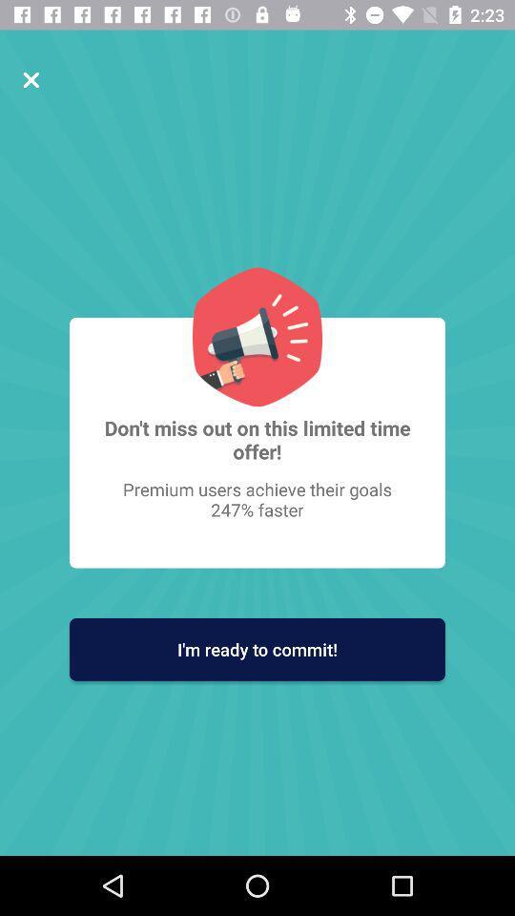 This screenshot has width=515, height=916. Describe the element at coordinates (257, 649) in the screenshot. I see `the i m ready icon` at that location.